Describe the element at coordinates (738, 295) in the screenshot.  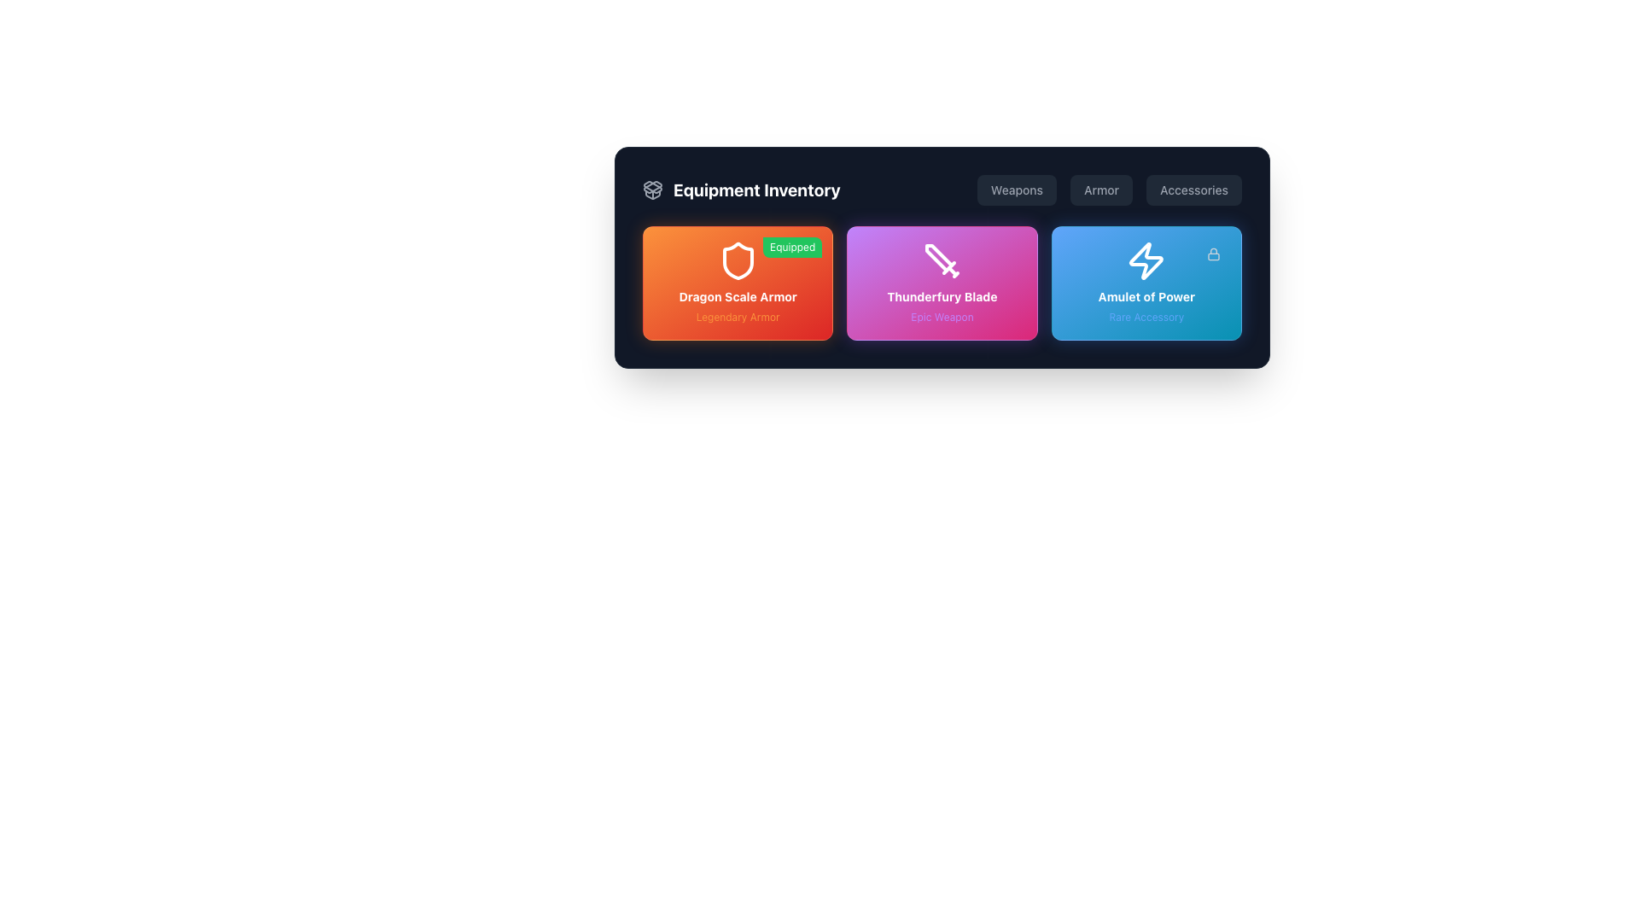
I see `text label displaying 'Dragon Scale Armor', which is styled with bold, white font on a vibrant orange background` at that location.